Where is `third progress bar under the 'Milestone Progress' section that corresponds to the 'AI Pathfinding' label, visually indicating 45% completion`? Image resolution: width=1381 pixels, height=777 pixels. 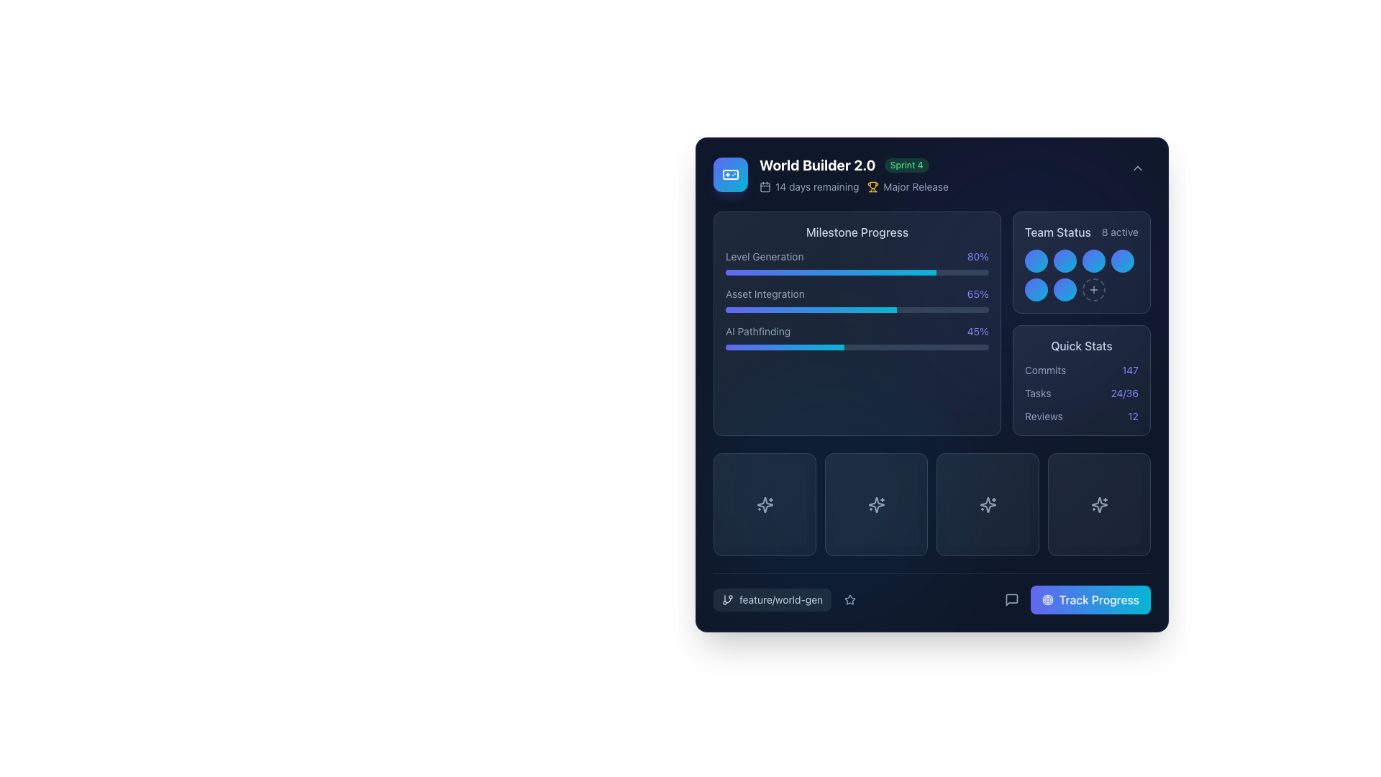
third progress bar under the 'Milestone Progress' section that corresponds to the 'AI Pathfinding' label, visually indicating 45% completion is located at coordinates (857, 347).